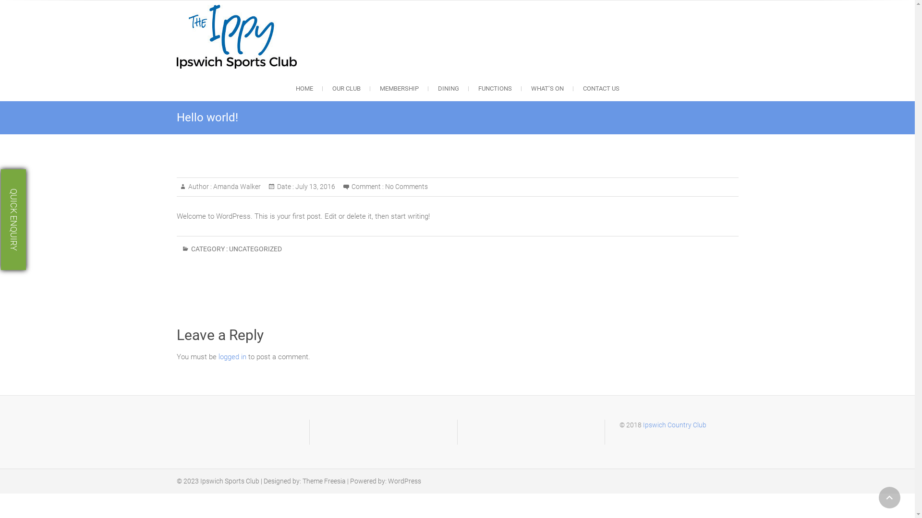  Describe the element at coordinates (314, 187) in the screenshot. I see `'July 13, 2016'` at that location.